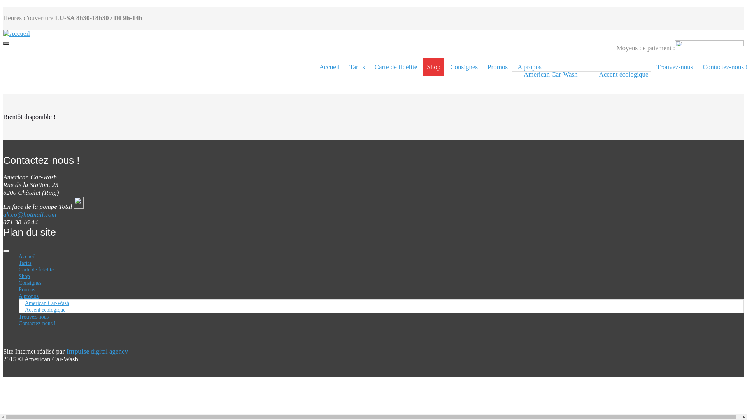  Describe the element at coordinates (519, 74) in the screenshot. I see `'American Car-Wash'` at that location.